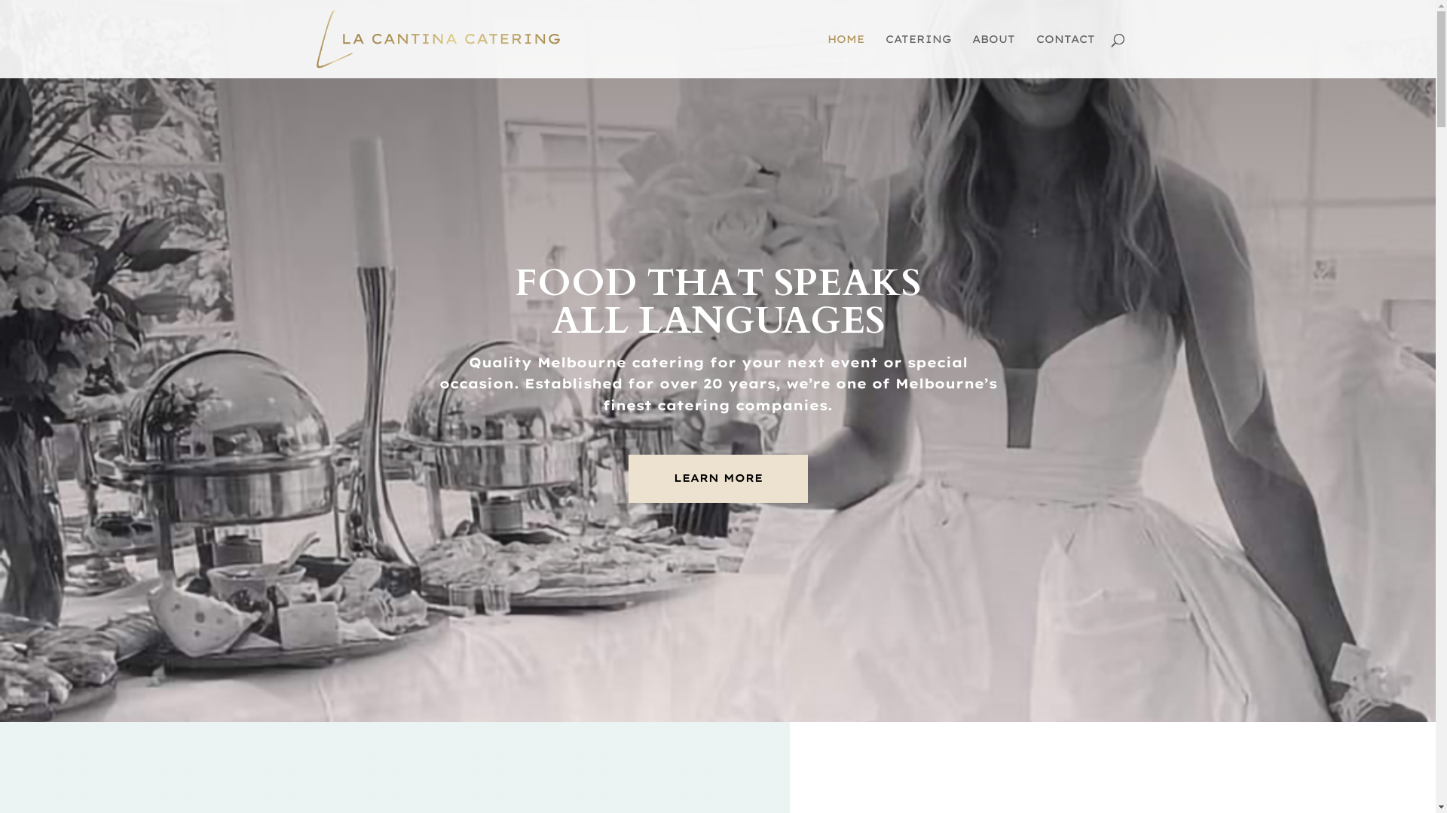  Describe the element at coordinates (993, 55) in the screenshot. I see `'ABOUT'` at that location.